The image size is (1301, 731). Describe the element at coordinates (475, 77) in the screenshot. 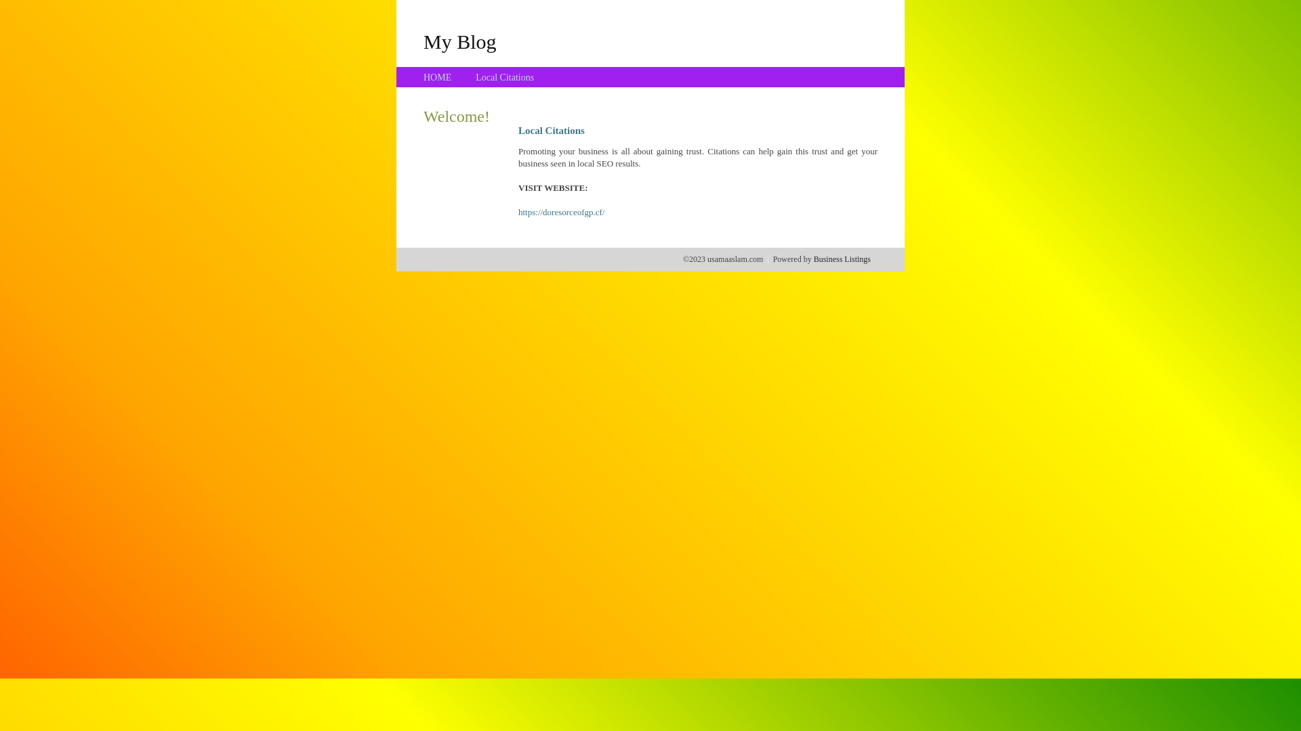

I see `'Local Citations'` at that location.